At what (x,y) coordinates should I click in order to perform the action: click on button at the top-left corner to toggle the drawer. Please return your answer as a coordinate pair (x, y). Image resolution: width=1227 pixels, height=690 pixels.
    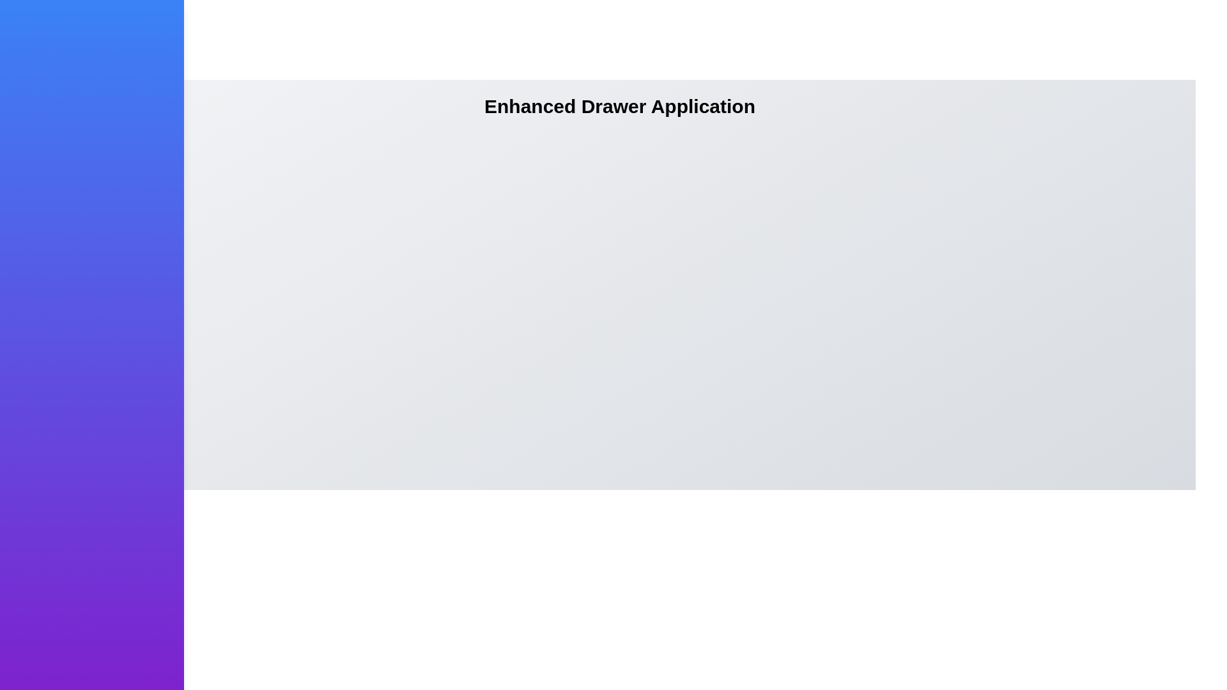
    Looking at the image, I should click on (27, 27).